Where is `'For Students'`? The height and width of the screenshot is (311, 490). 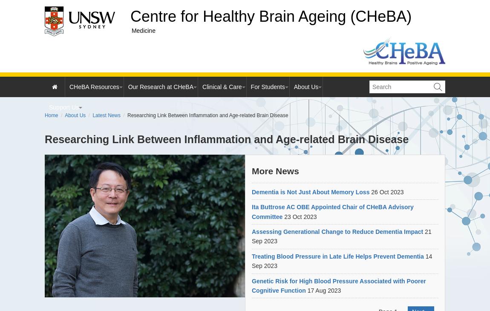
'For Students' is located at coordinates (267, 87).